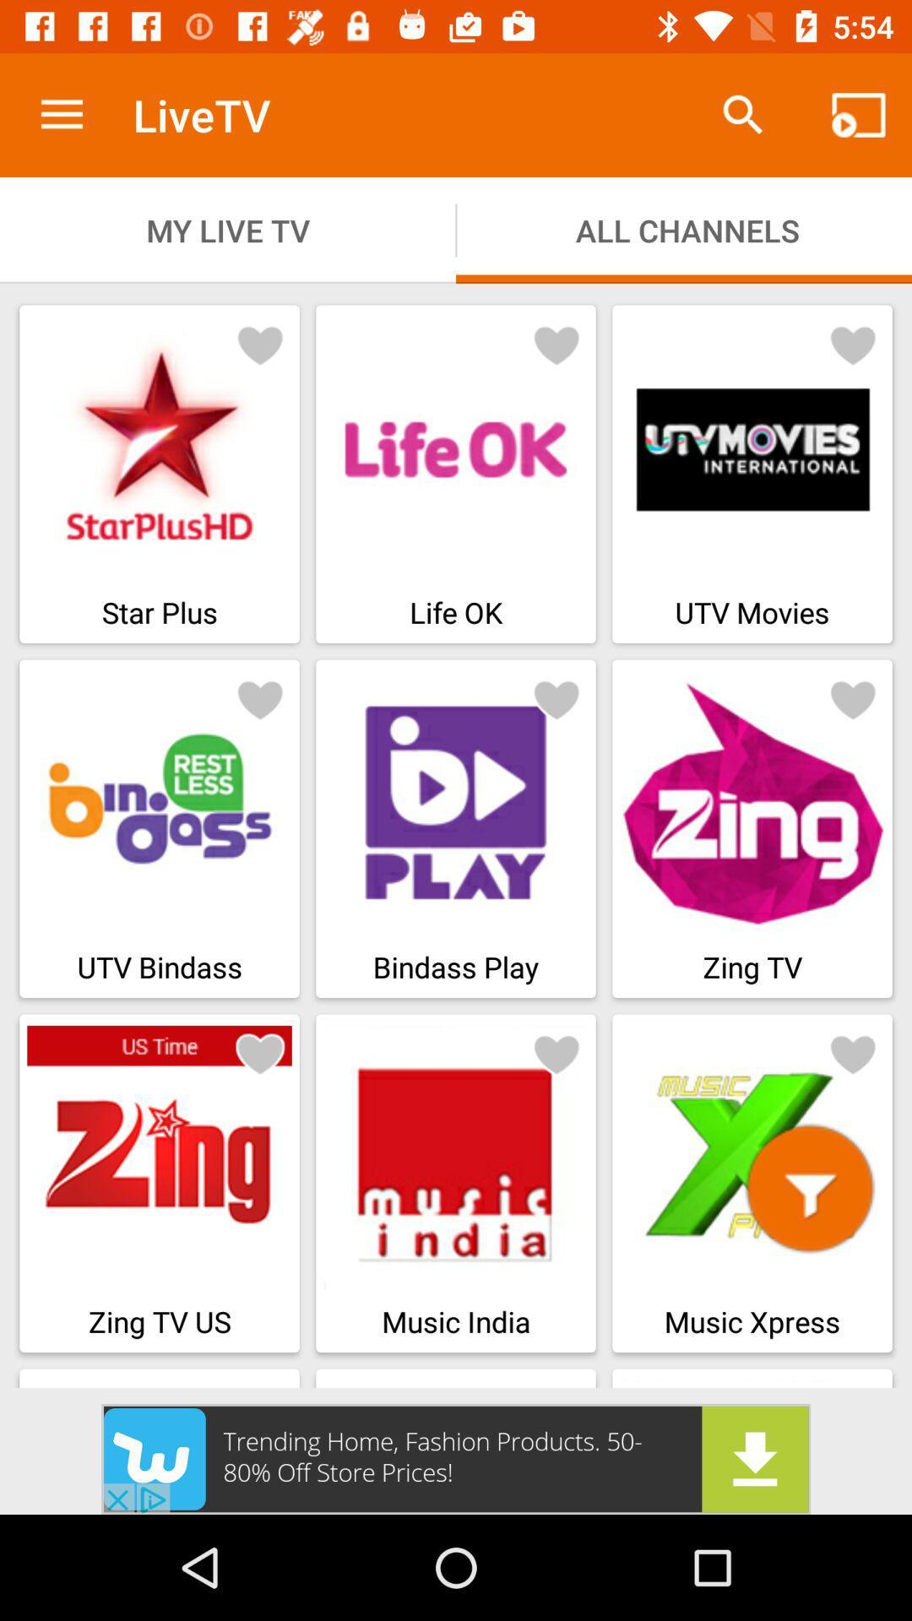  Describe the element at coordinates (809, 1187) in the screenshot. I see `button` at that location.